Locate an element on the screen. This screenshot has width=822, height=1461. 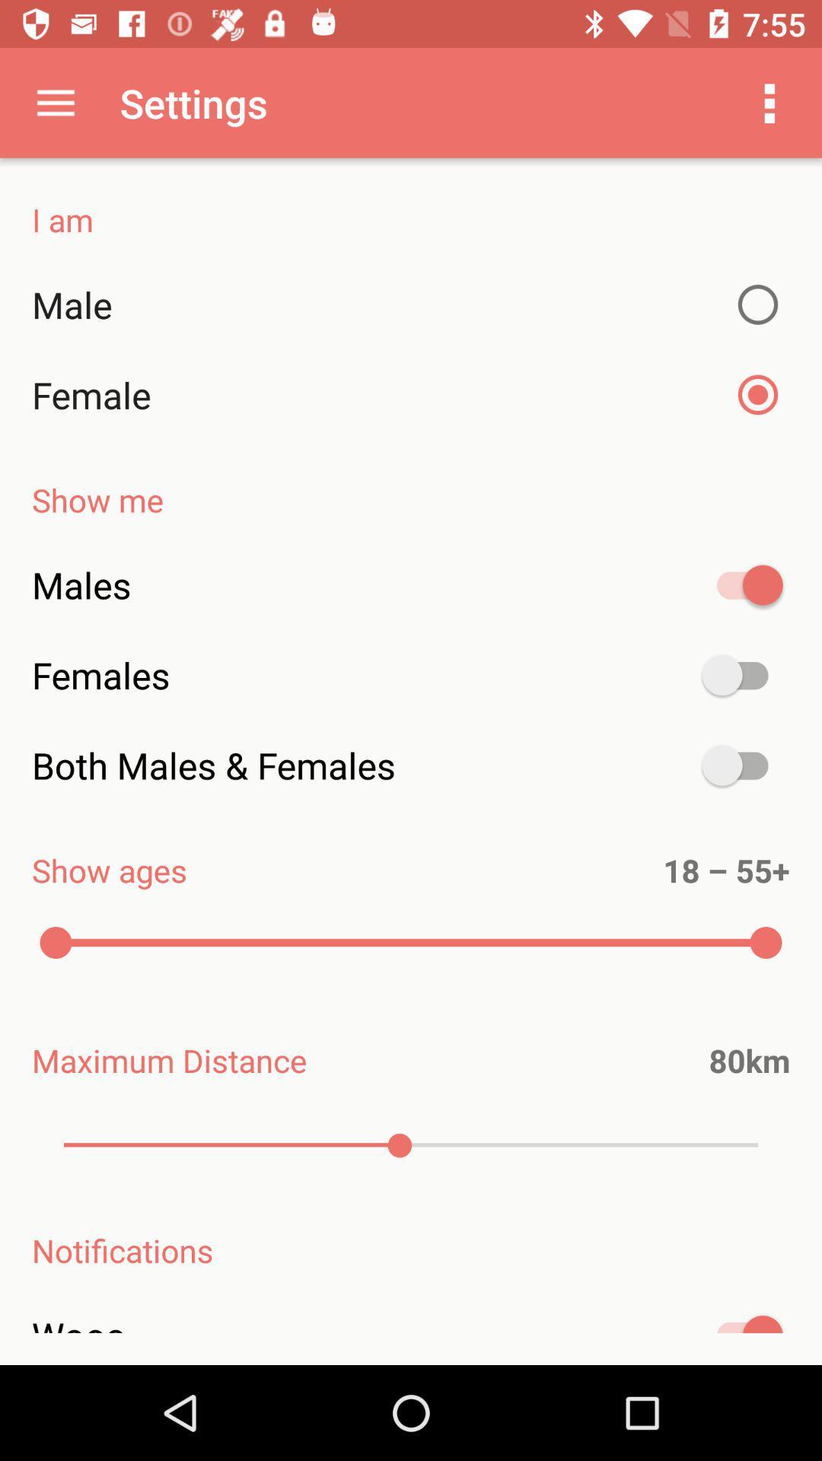
more options is located at coordinates (769, 102).